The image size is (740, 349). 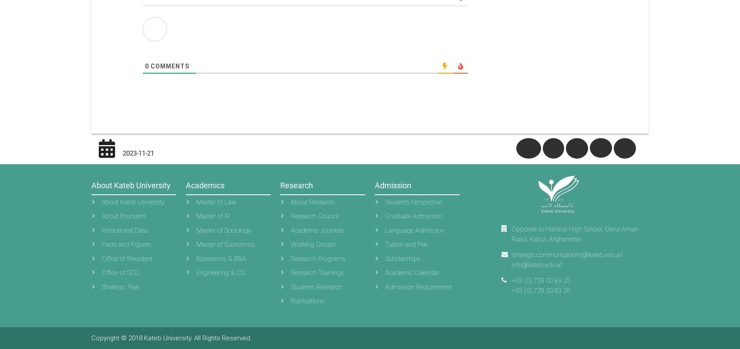 What do you see at coordinates (196, 201) in the screenshot?
I see `'Master of Law'` at bounding box center [196, 201].